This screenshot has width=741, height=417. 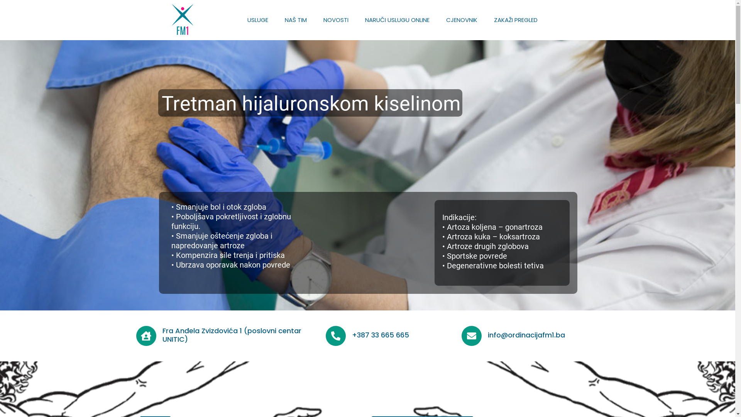 I want to click on 'CJENOVNIK', so click(x=462, y=19).